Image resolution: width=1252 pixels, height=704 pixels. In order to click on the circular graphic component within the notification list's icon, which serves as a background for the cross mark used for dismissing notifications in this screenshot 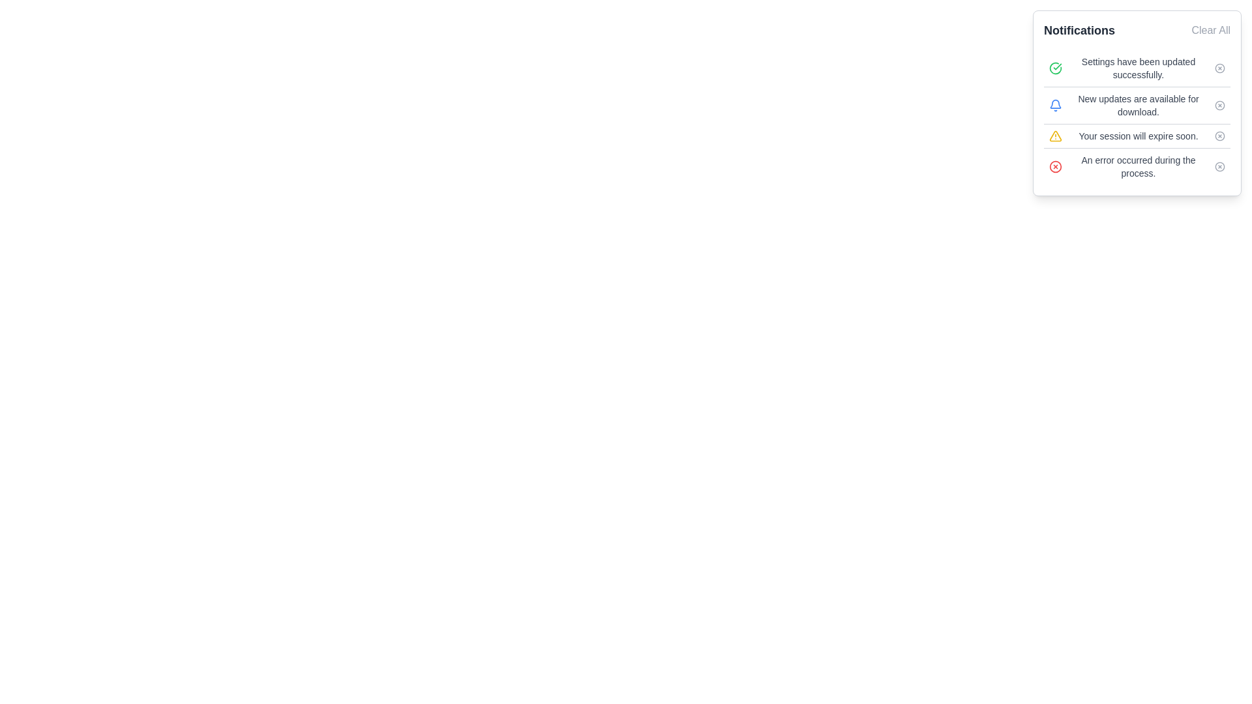, I will do `click(1219, 105)`.